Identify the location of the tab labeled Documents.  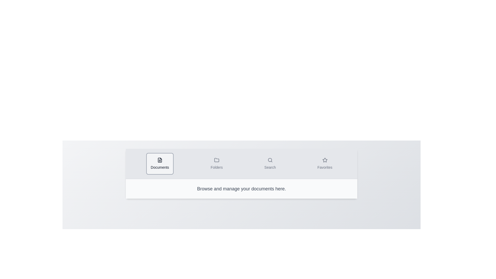
(160, 164).